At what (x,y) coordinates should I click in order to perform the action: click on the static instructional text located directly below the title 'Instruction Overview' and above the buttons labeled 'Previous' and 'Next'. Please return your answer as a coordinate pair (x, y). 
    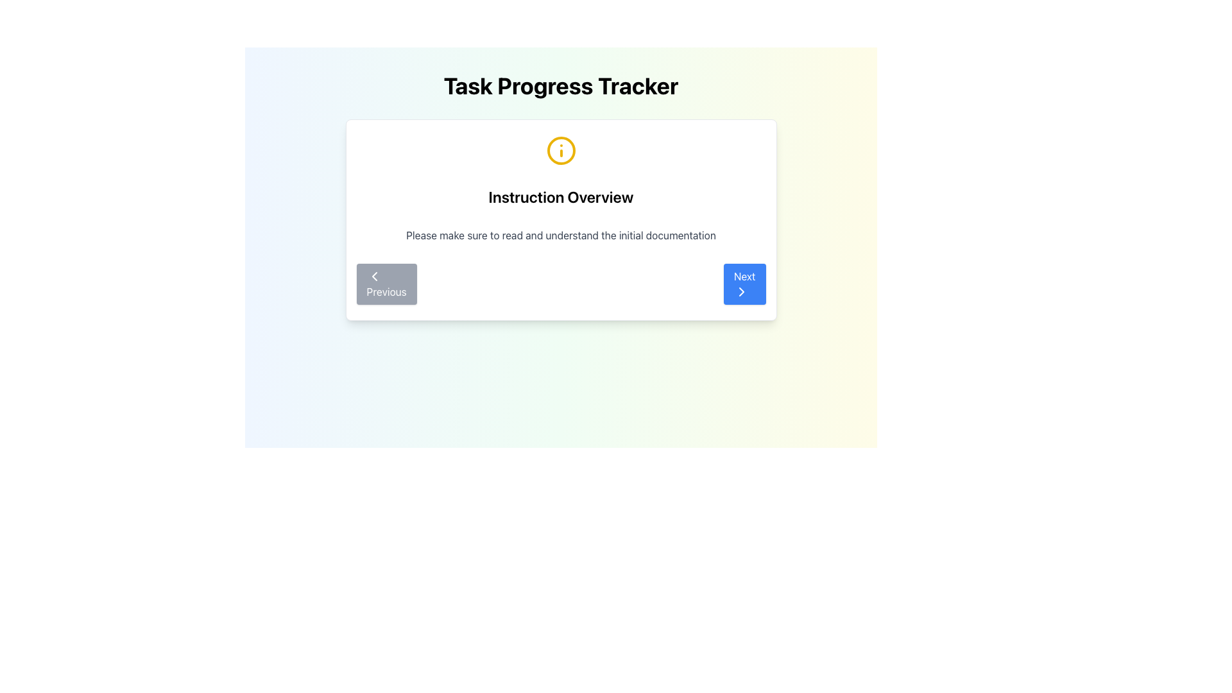
    Looking at the image, I should click on (561, 235).